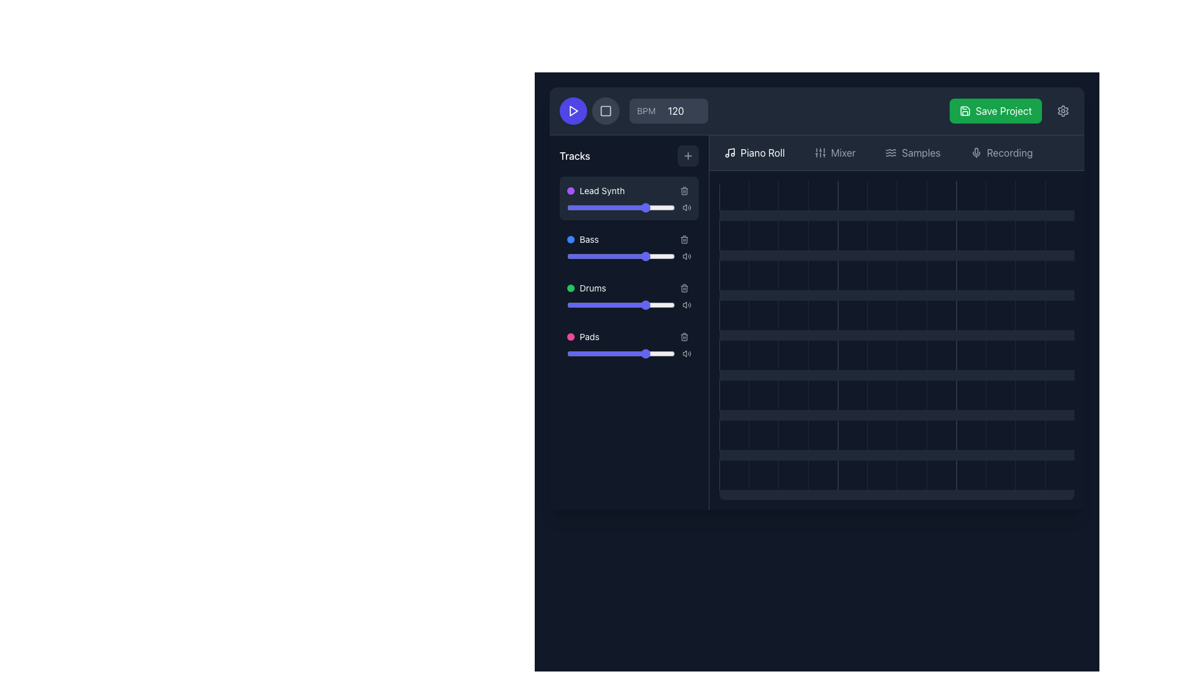 The image size is (1198, 674). Describe the element at coordinates (673, 288) in the screenshot. I see `the volume for the 'Drums' track` at that location.